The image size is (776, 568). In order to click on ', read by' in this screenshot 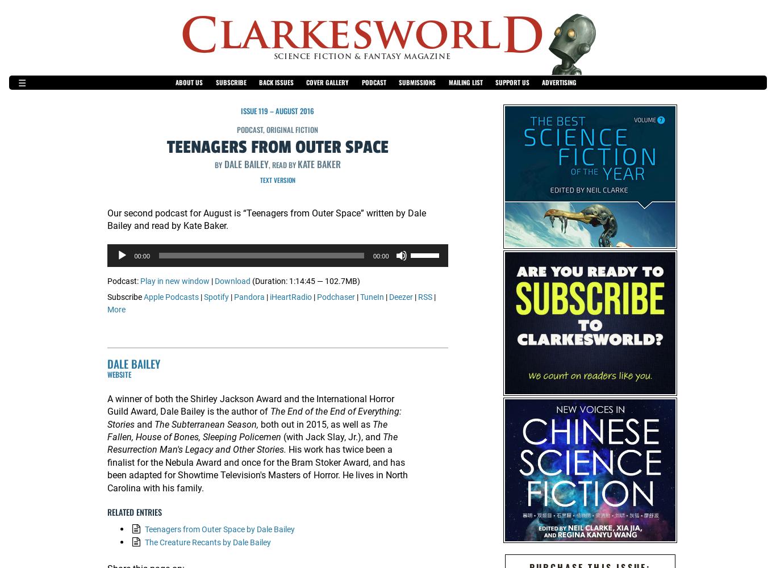, I will do `click(282, 165)`.